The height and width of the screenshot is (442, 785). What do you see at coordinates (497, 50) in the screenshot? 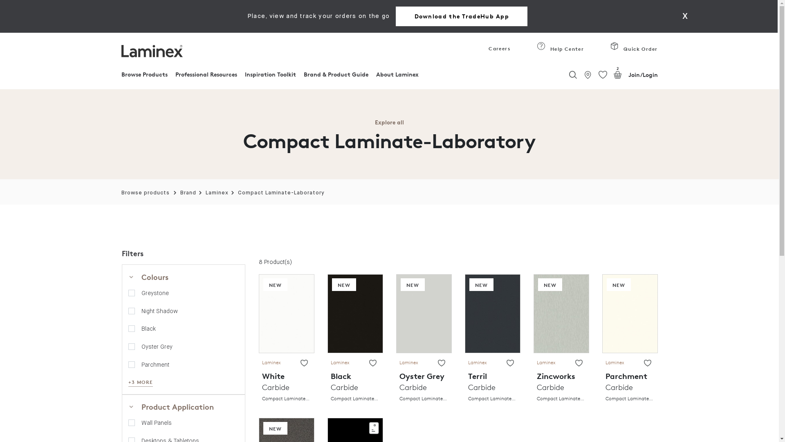
I see `'Careers'` at bounding box center [497, 50].